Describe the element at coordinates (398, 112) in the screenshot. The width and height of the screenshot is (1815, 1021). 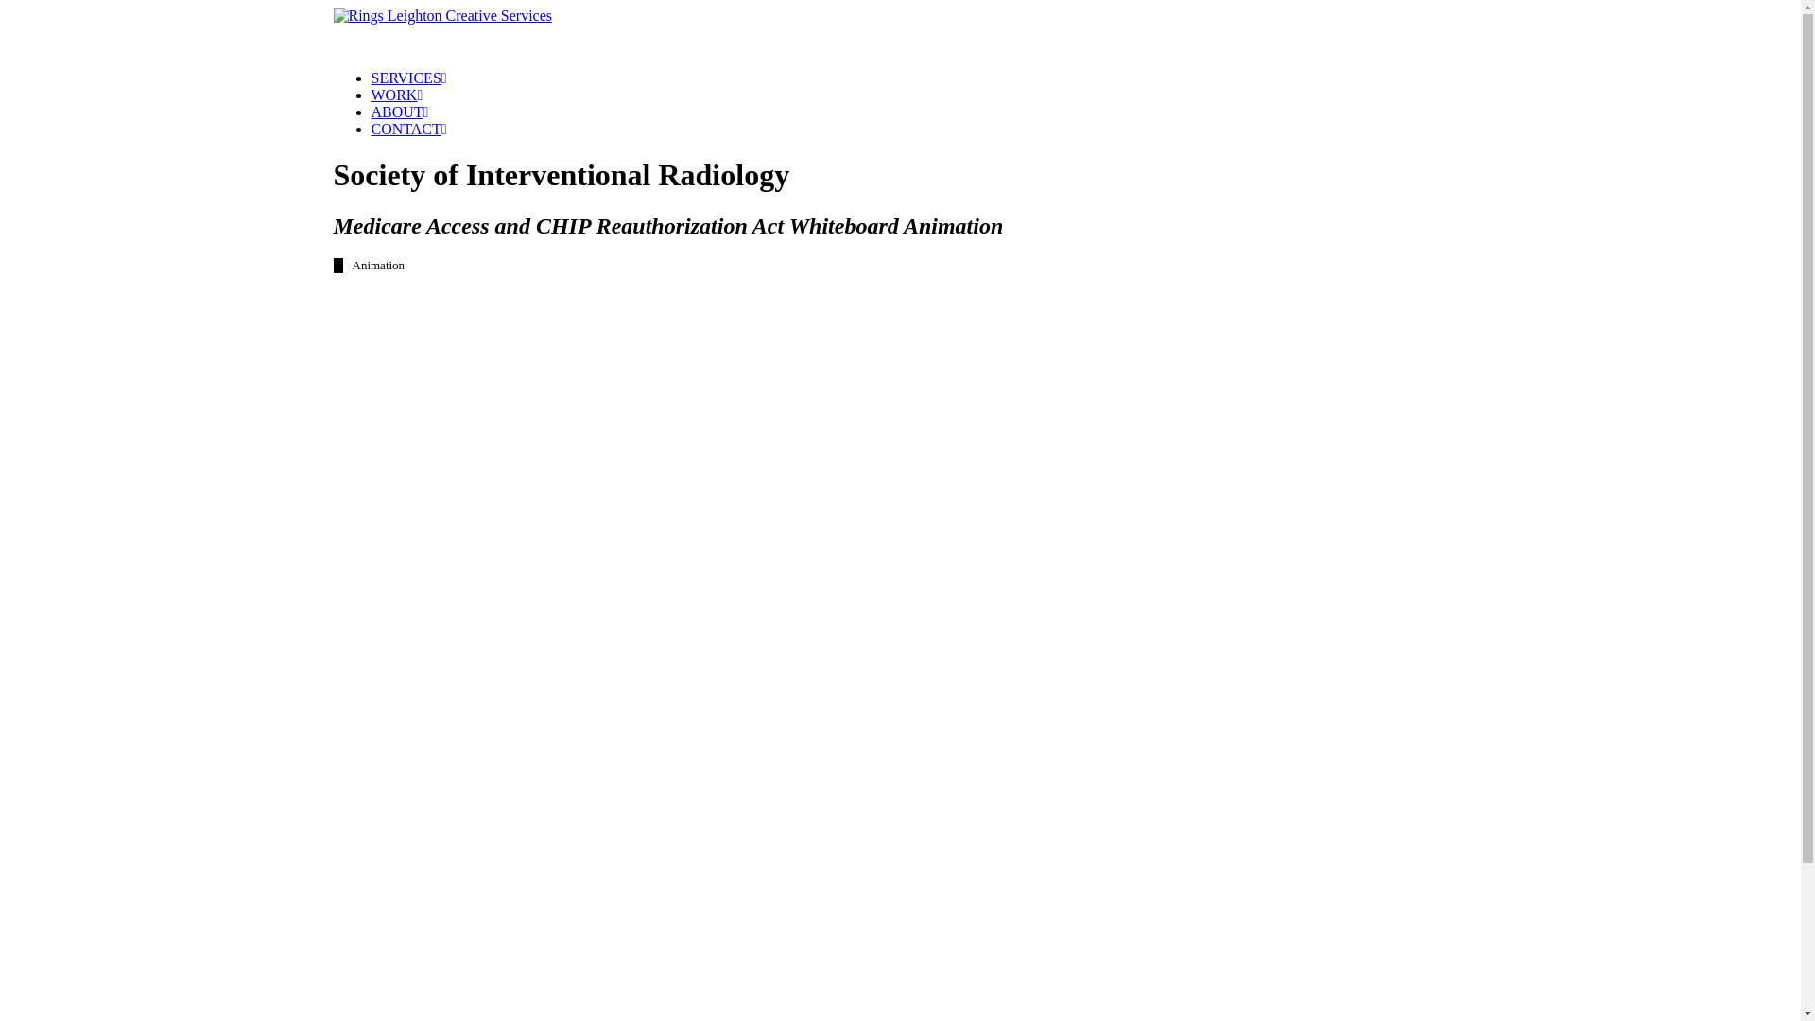
I see `'ABOUT'` at that location.